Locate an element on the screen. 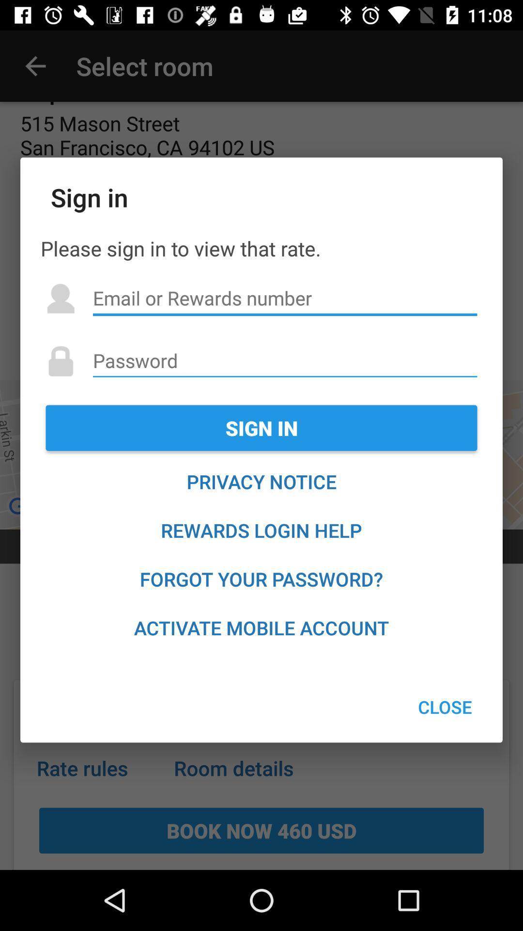 Image resolution: width=523 pixels, height=931 pixels. icon below forgot your password? item is located at coordinates (261, 627).